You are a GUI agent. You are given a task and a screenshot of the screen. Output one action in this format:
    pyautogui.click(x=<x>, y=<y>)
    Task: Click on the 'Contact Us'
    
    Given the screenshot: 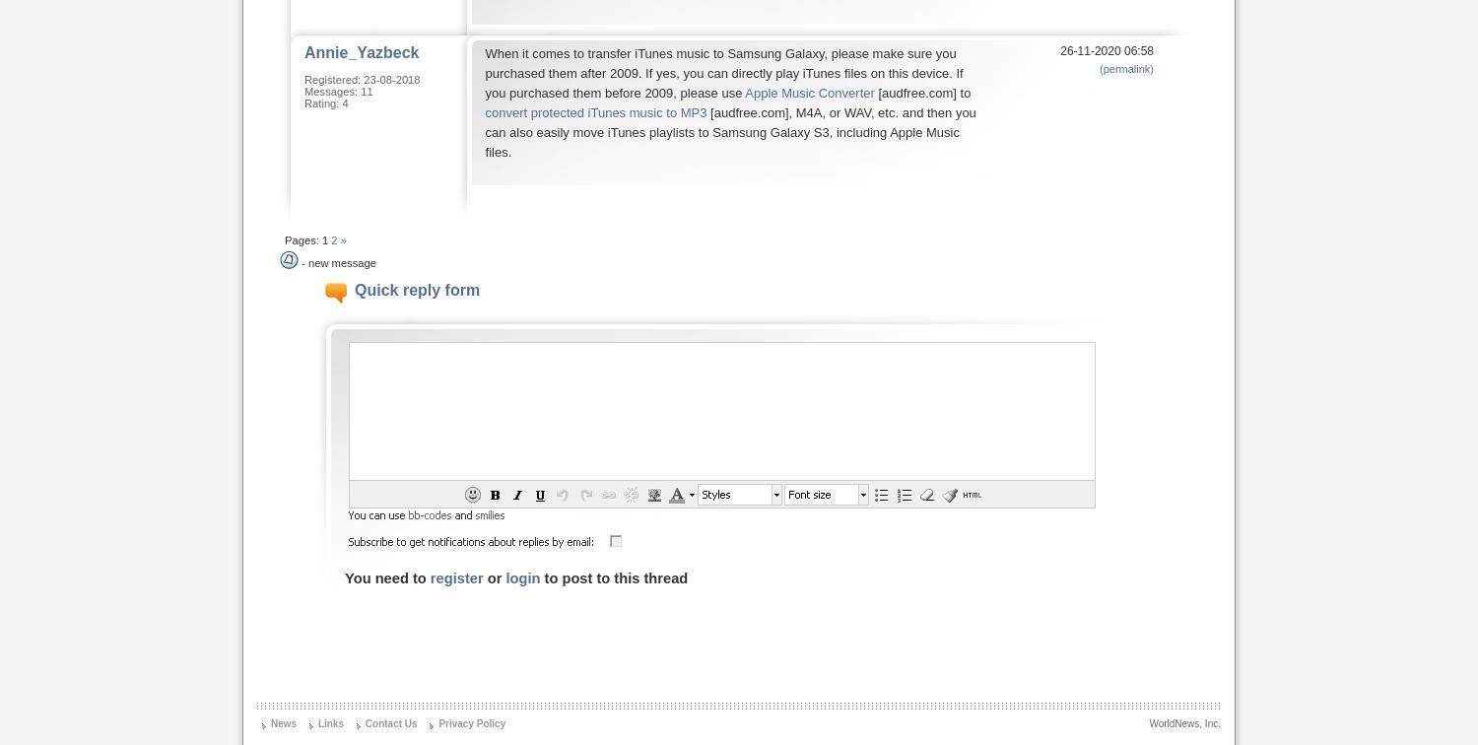 What is the action you would take?
    pyautogui.click(x=390, y=723)
    